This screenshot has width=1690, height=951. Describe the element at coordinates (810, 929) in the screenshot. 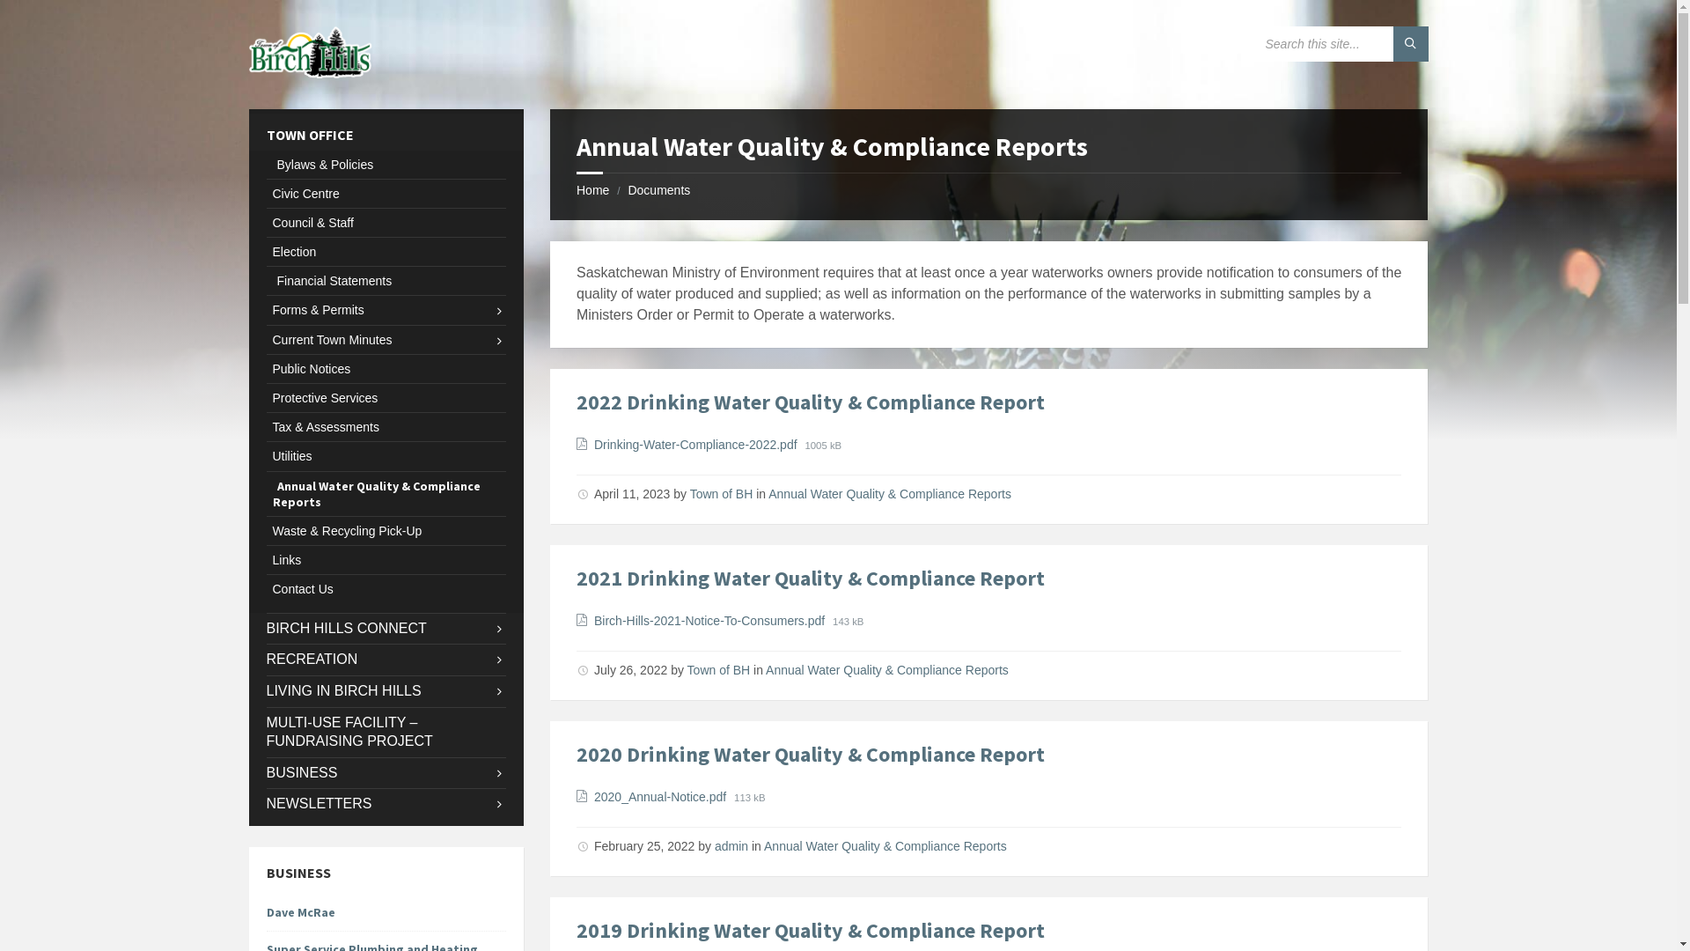

I see `'2019 Drinking Water Quality & Compliance Report'` at that location.